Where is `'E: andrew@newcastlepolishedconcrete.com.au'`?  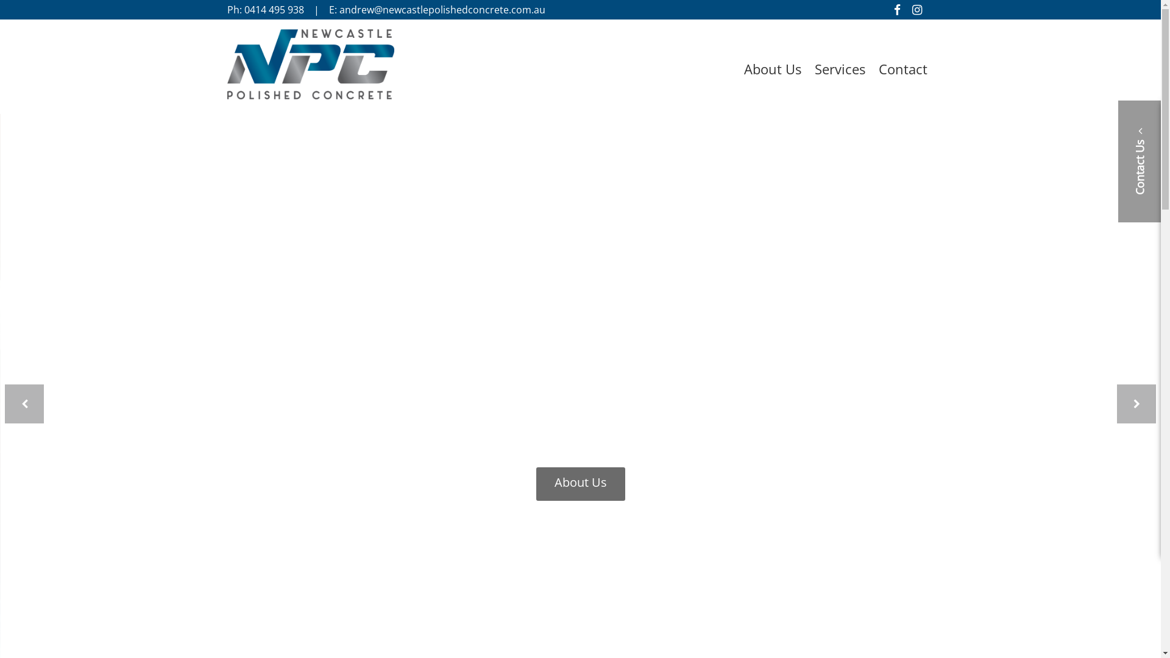
'E: andrew@newcastlepolishedconcrete.com.au' is located at coordinates (437, 9).